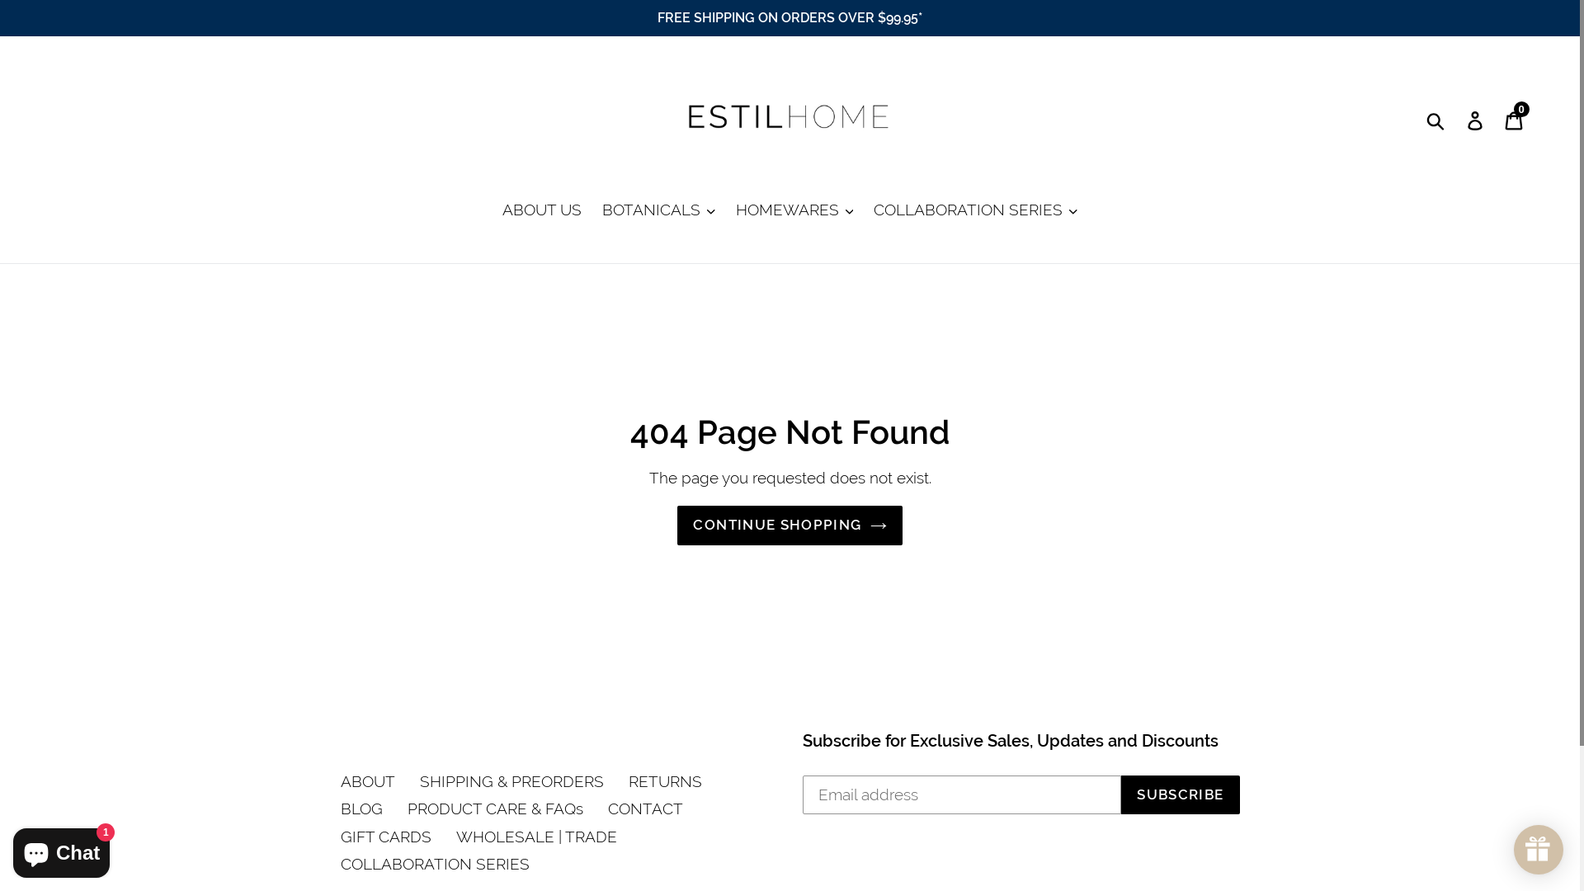  I want to click on 'PRODUCT CARE & FAQs', so click(408, 807).